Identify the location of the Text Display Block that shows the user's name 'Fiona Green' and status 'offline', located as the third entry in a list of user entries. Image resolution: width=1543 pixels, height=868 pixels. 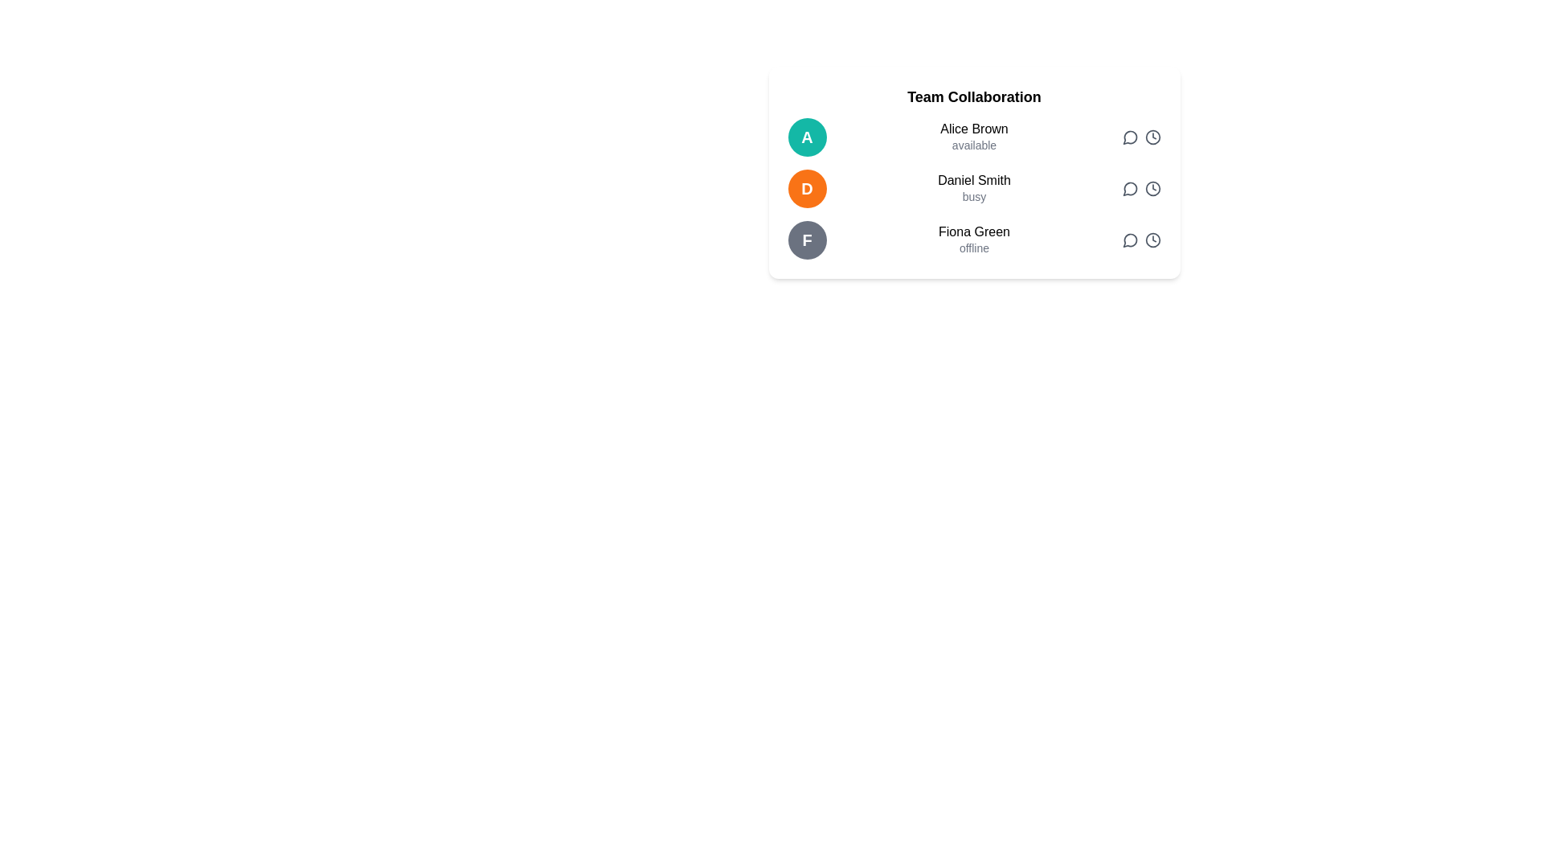
(973, 240).